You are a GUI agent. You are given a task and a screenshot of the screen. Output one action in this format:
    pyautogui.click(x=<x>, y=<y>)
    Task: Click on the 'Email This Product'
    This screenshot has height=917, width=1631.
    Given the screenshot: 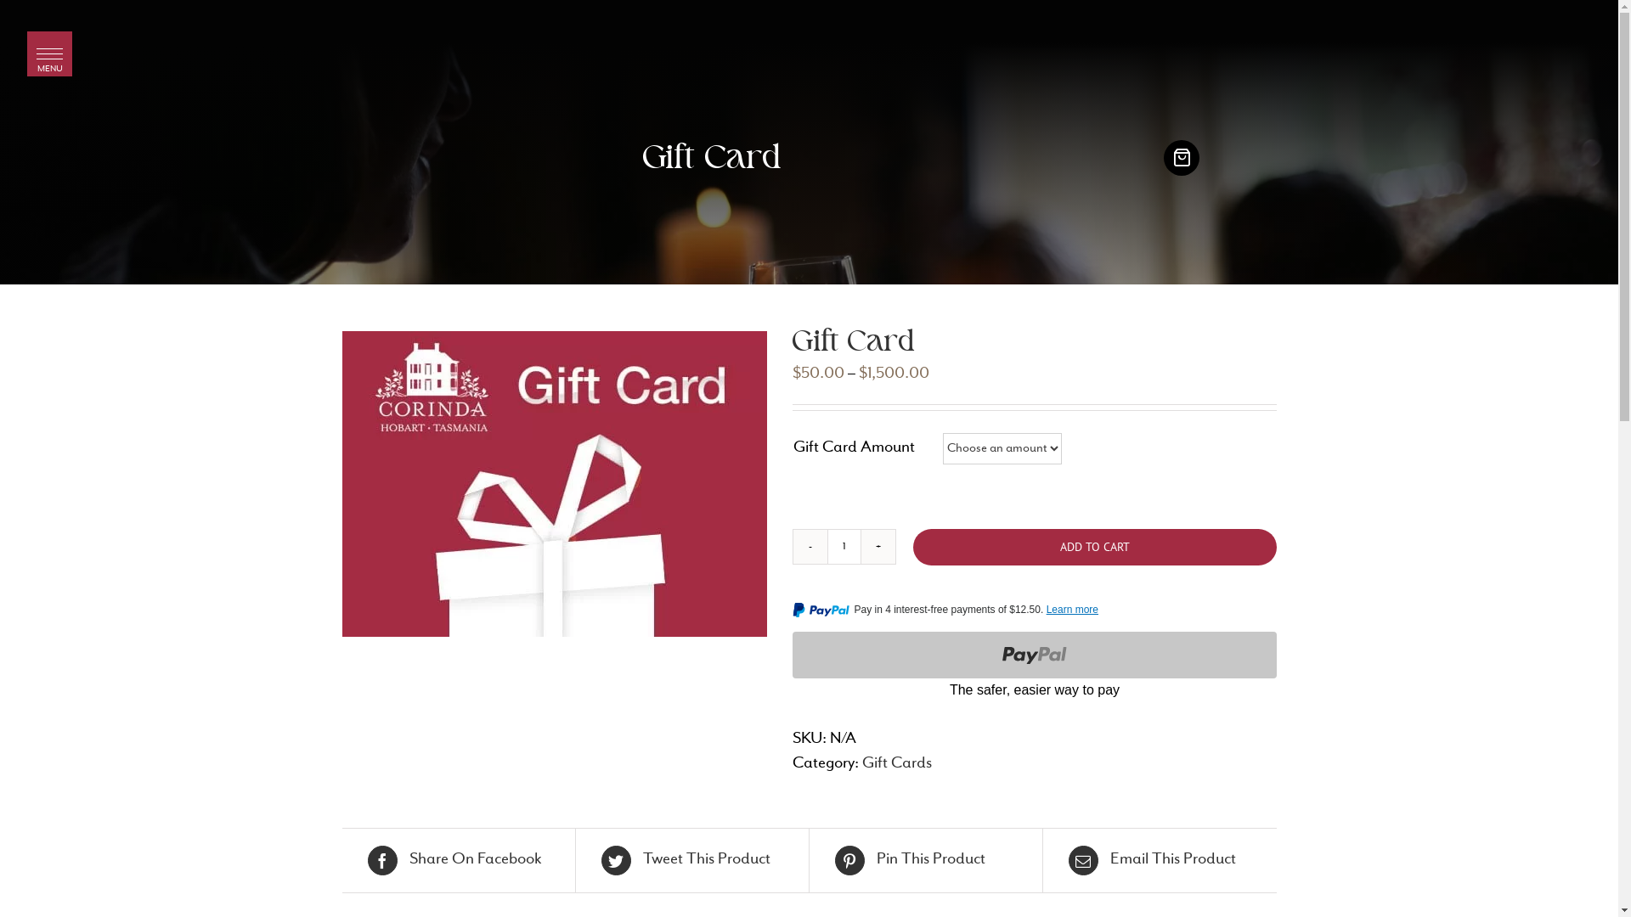 What is the action you would take?
    pyautogui.click(x=1159, y=860)
    